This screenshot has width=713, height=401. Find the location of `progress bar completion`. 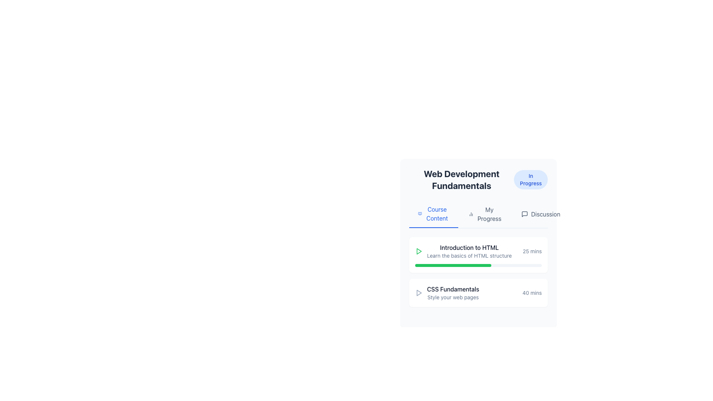

progress bar completion is located at coordinates (534, 265).